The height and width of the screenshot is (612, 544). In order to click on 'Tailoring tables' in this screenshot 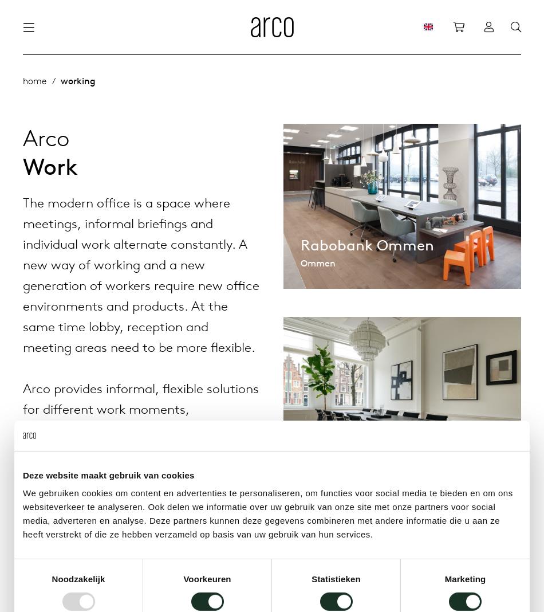, I will do `click(208, 325)`.